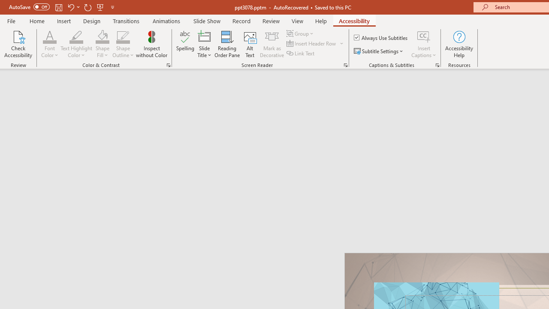 The image size is (549, 309). What do you see at coordinates (227, 44) in the screenshot?
I see `'Reading Order Pane'` at bounding box center [227, 44].